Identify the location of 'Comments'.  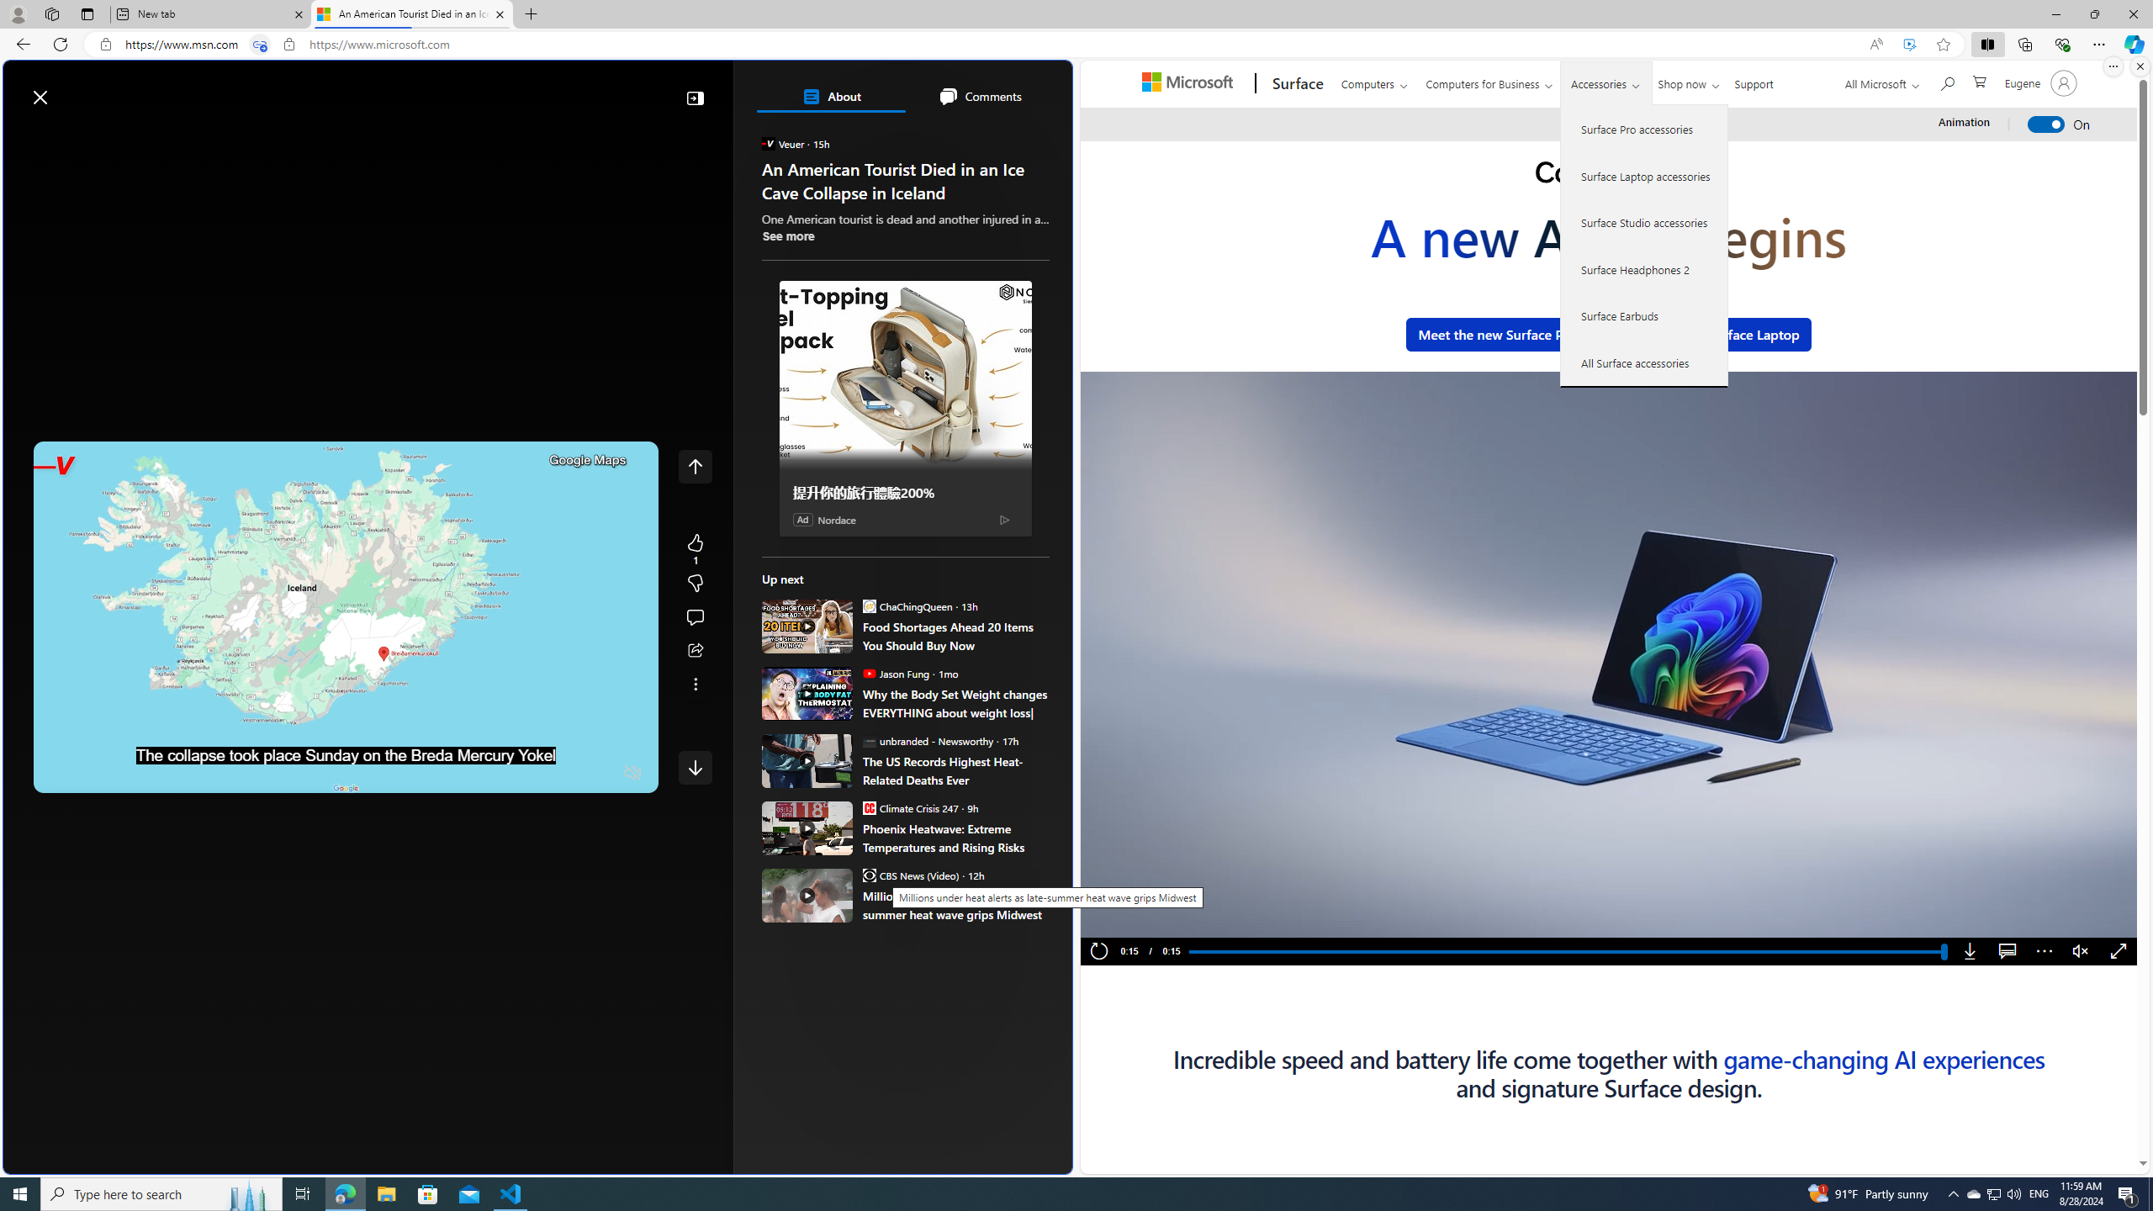
(978, 96).